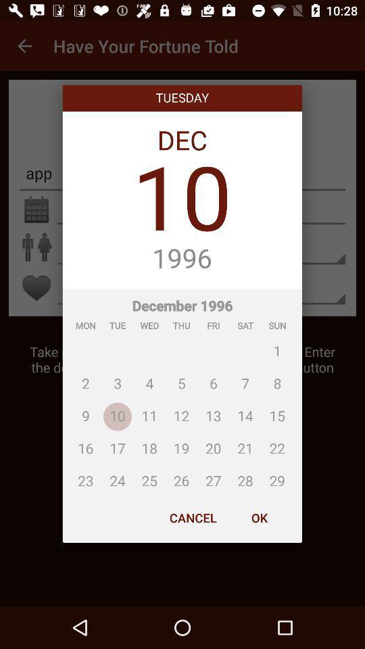 The height and width of the screenshot is (649, 365). Describe the element at coordinates (182, 258) in the screenshot. I see `the 1996` at that location.